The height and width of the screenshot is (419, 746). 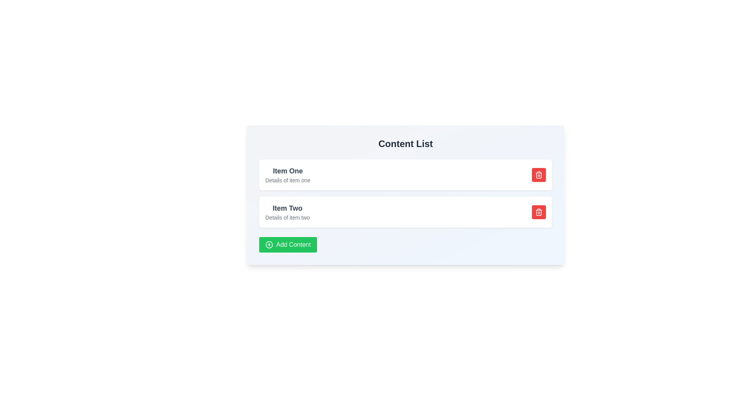 What do you see at coordinates (287, 212) in the screenshot?
I see `the Text Display Group titled 'Item Two' which provides a summary of further details associated with it` at bounding box center [287, 212].